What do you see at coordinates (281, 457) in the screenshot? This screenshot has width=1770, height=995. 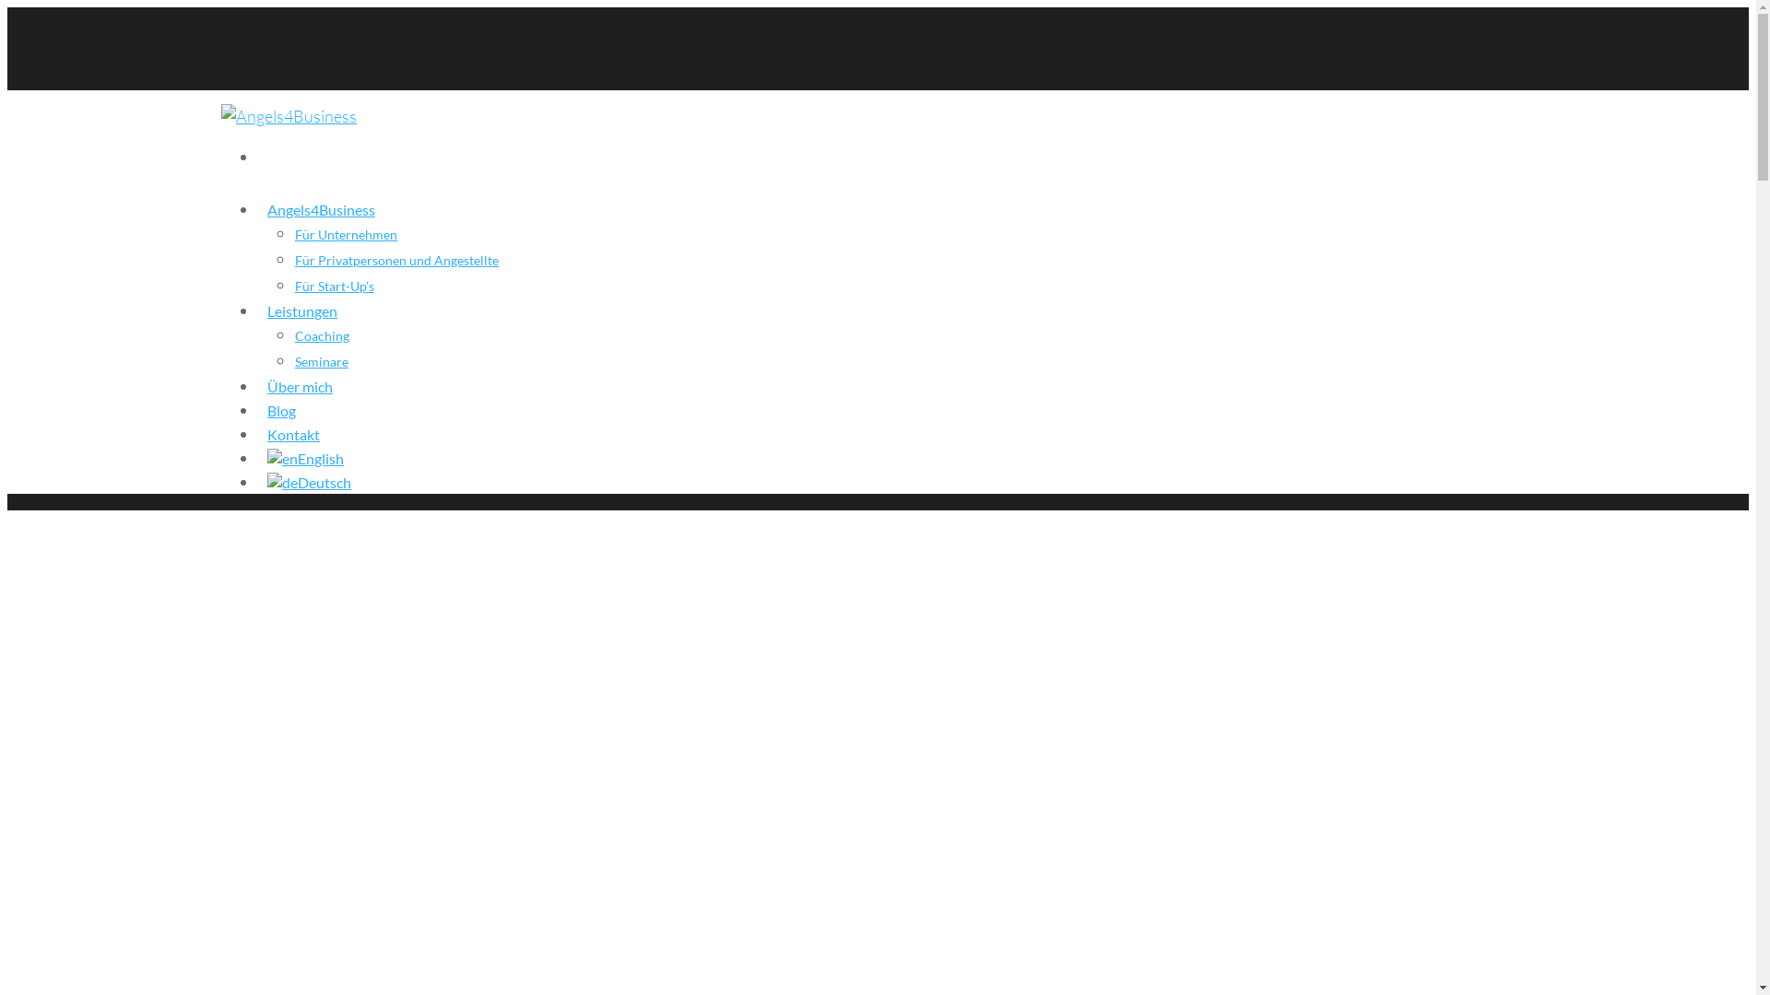 I see `'English'` at bounding box center [281, 457].